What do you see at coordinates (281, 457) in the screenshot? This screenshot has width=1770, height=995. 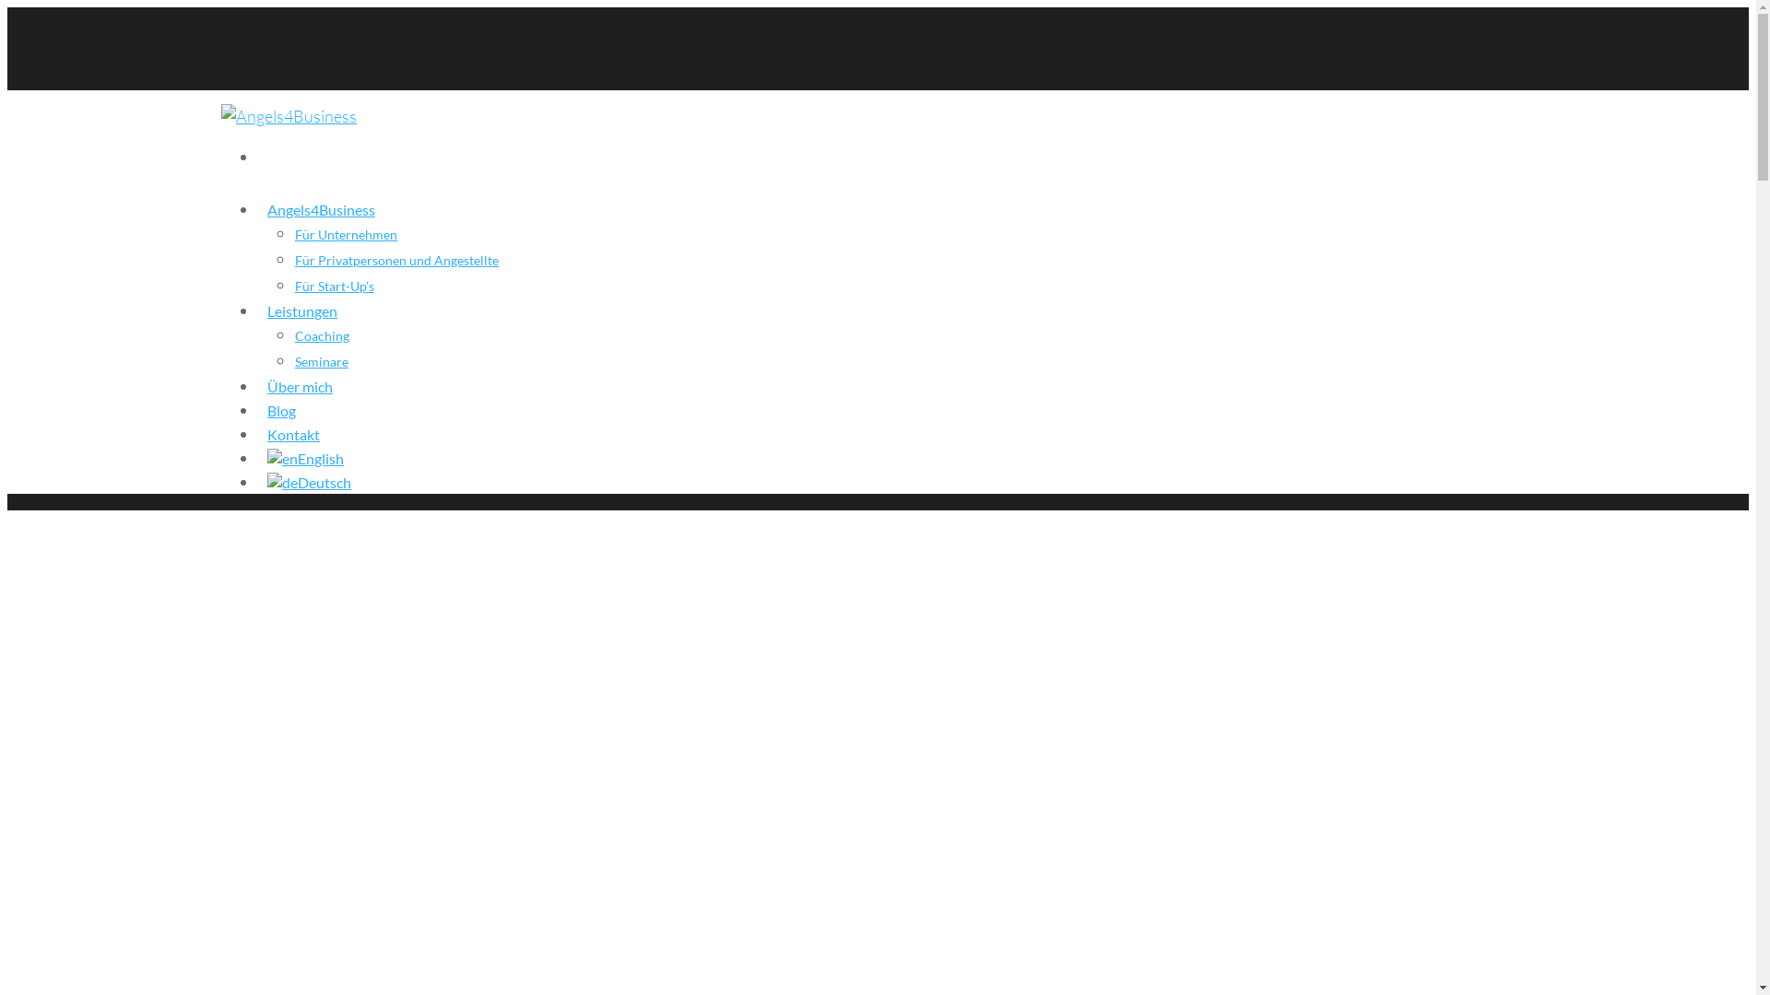 I see `'English'` at bounding box center [281, 457].